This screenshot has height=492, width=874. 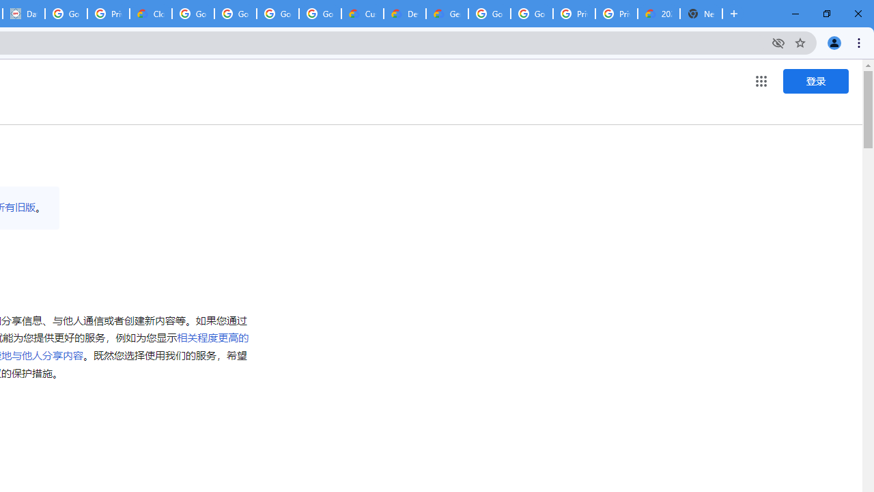 I want to click on 'New Tab', so click(x=701, y=14).